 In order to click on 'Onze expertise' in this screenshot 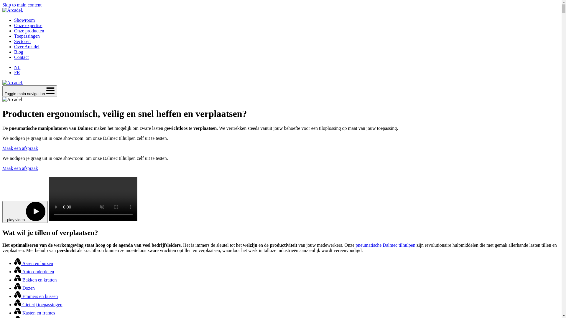, I will do `click(28, 25)`.